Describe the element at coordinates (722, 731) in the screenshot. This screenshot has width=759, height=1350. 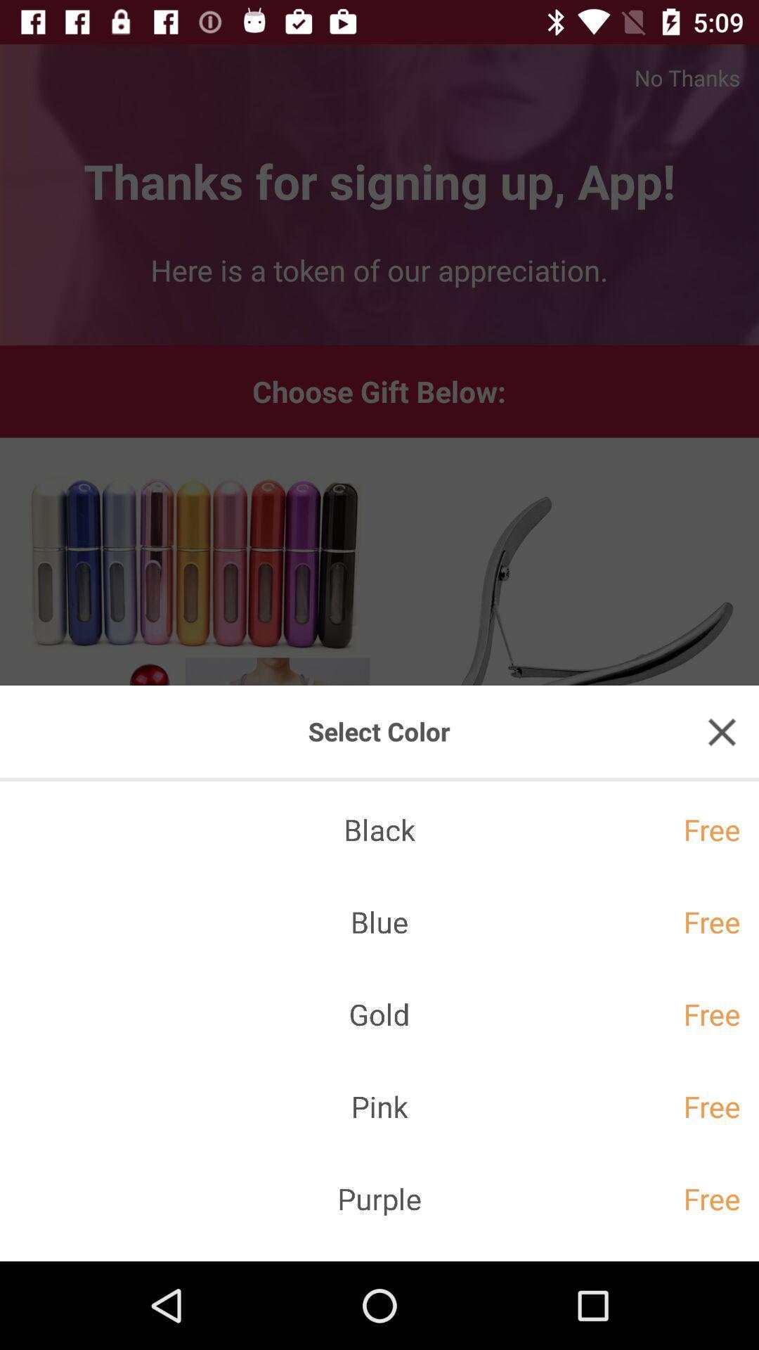
I see `the window` at that location.